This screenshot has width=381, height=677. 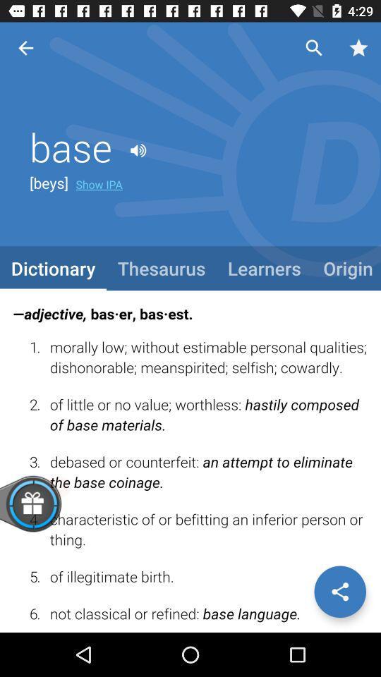 I want to click on the volume icon, so click(x=138, y=151).